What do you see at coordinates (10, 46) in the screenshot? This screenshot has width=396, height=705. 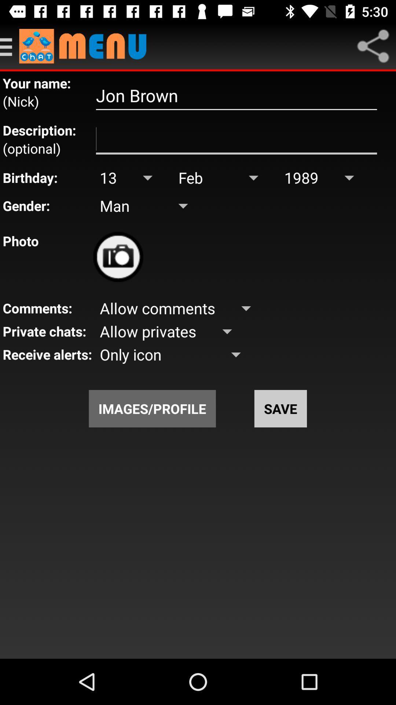 I see `open side men` at bounding box center [10, 46].